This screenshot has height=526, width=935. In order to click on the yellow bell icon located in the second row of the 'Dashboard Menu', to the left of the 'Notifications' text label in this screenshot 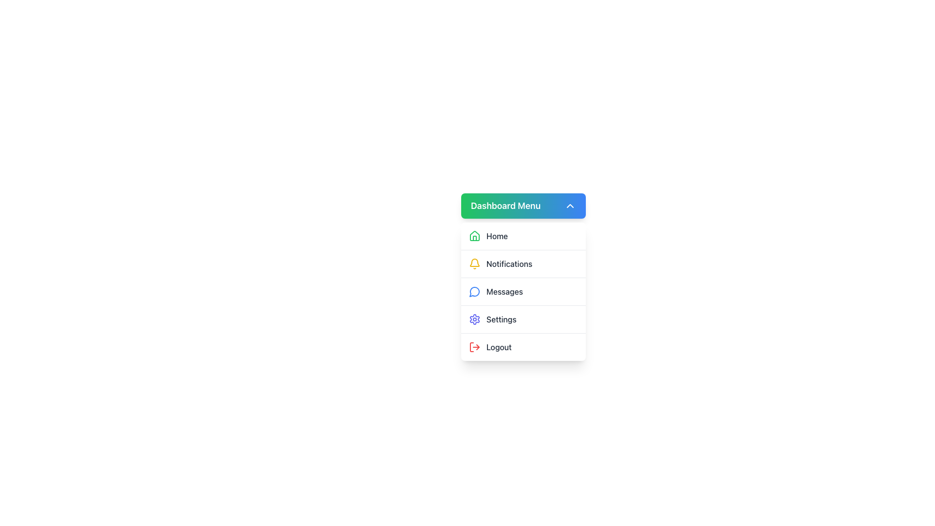, I will do `click(474, 264)`.